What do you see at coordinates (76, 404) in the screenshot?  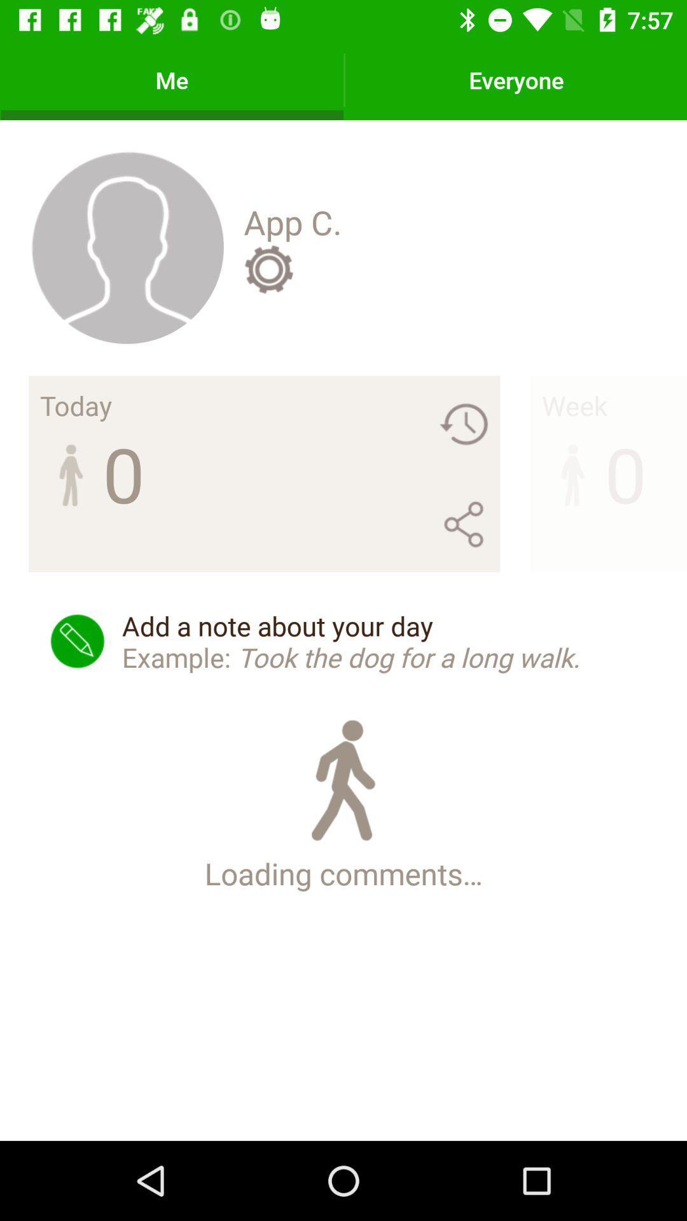 I see `the today icon` at bounding box center [76, 404].